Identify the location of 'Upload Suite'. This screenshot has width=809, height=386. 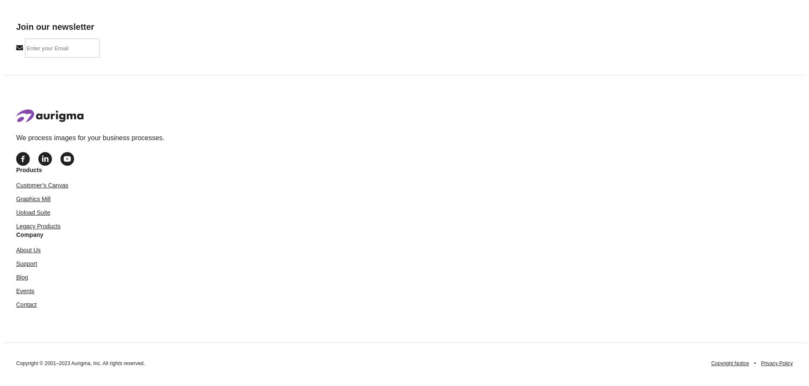
(33, 213).